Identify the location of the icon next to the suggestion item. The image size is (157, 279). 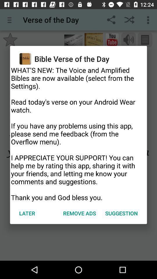
(79, 213).